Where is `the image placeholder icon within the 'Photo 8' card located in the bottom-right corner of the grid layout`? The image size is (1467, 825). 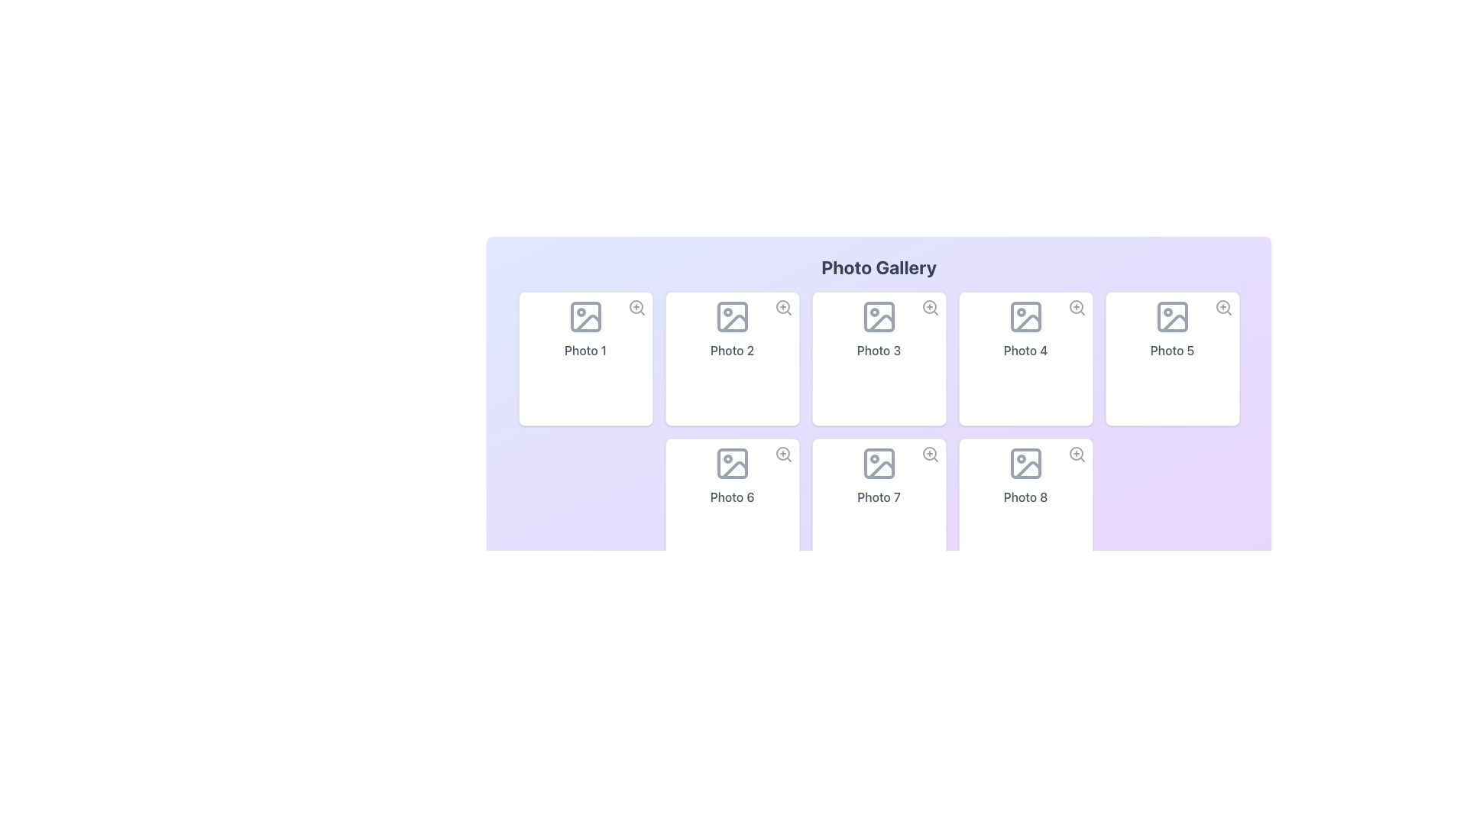
the image placeholder icon within the 'Photo 8' card located in the bottom-right corner of the grid layout is located at coordinates (1025, 462).